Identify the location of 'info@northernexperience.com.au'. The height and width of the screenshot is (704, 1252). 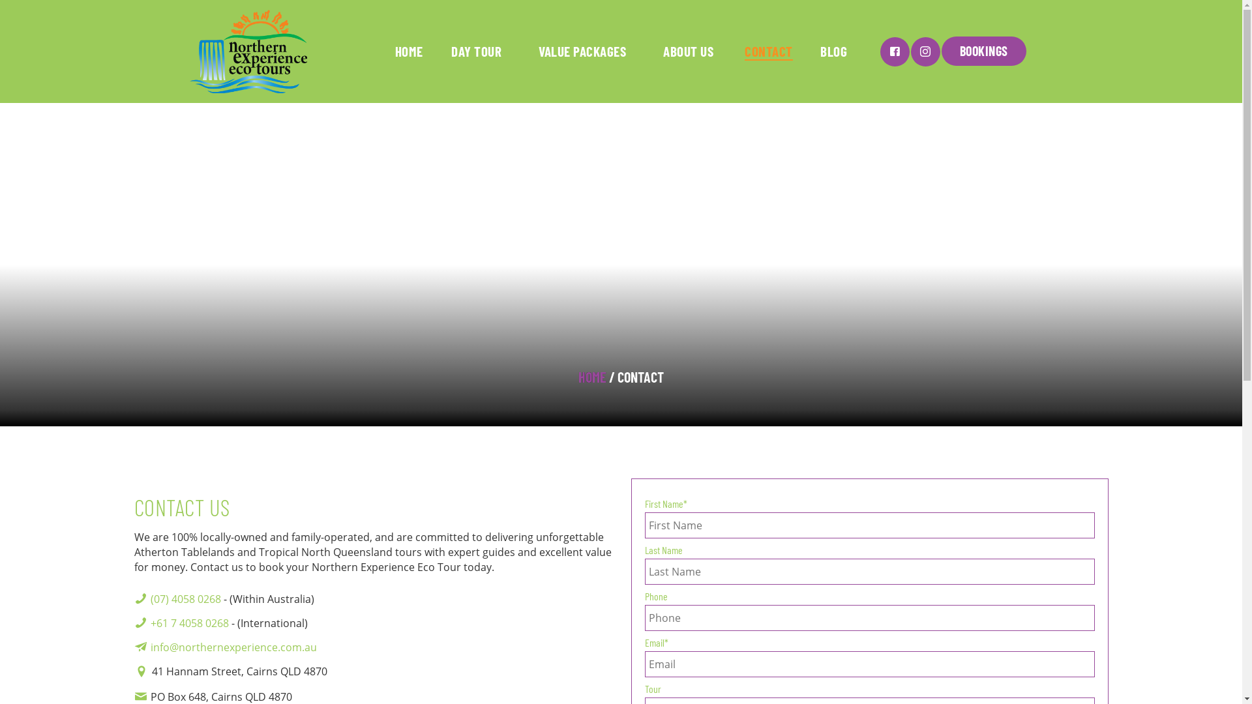
(233, 647).